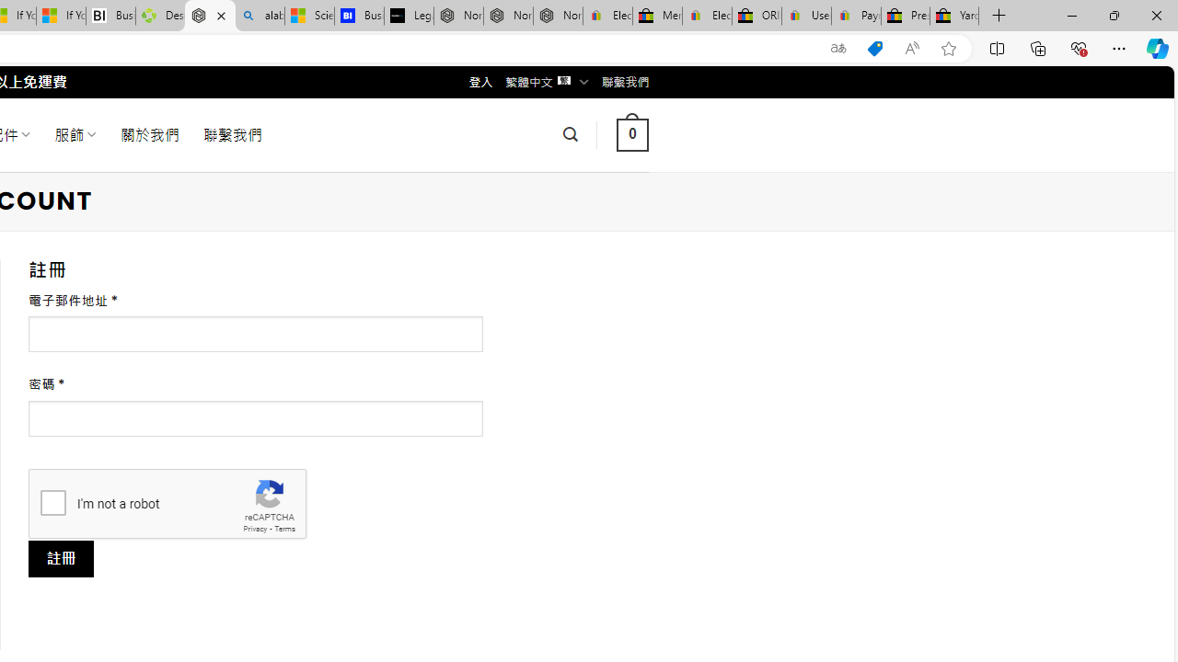 The width and height of the screenshot is (1178, 662). I want to click on 'Terms', so click(283, 529).